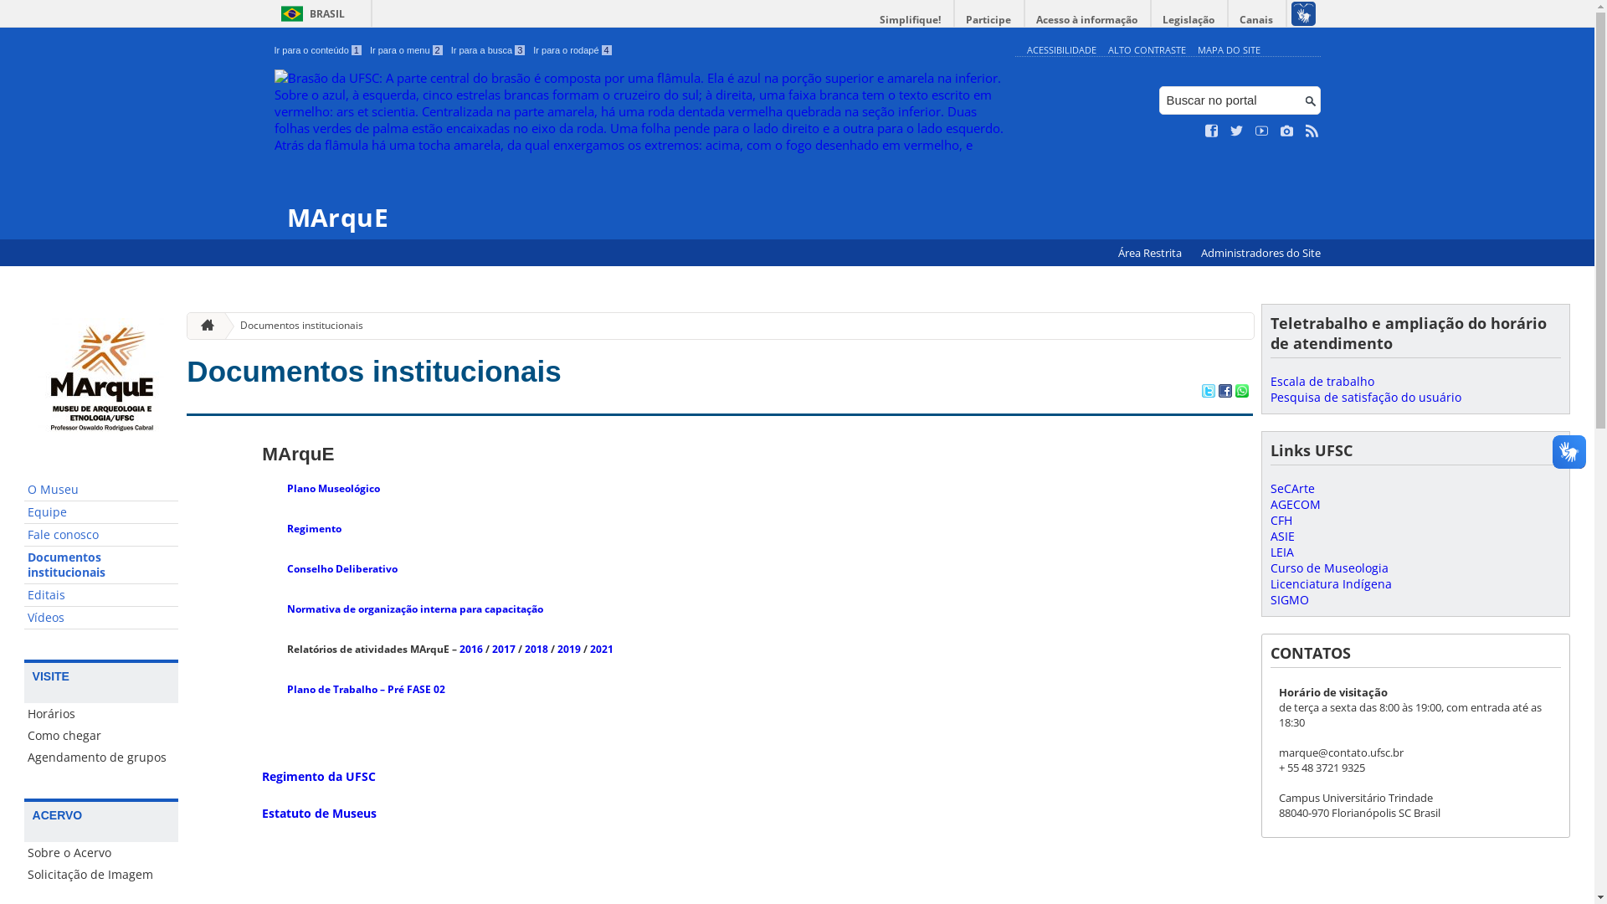 The width and height of the screenshot is (1607, 904). Describe the element at coordinates (100, 852) in the screenshot. I see `'Sobre o Acervo'` at that location.